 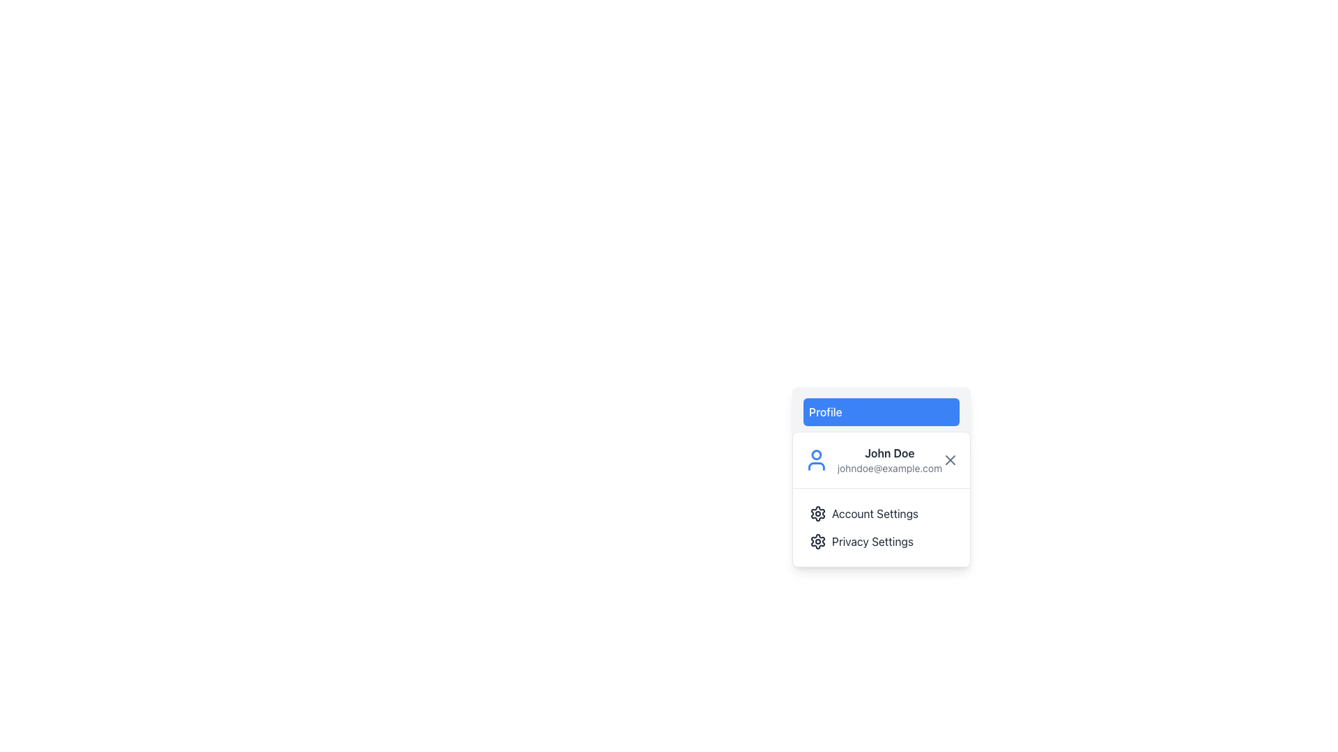 I want to click on the static text element 'John Doe' located at the top center of the dropdown menu, which is visually distinct with a bold font style, so click(x=889, y=453).